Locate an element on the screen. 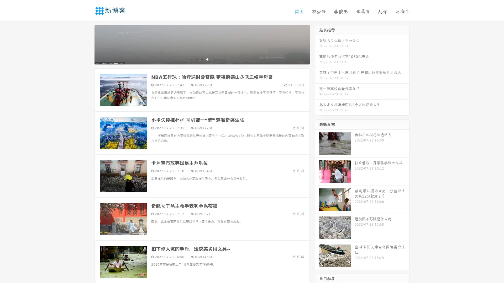 The width and height of the screenshot is (504, 283). Go to slide 1 is located at coordinates (196, 59).